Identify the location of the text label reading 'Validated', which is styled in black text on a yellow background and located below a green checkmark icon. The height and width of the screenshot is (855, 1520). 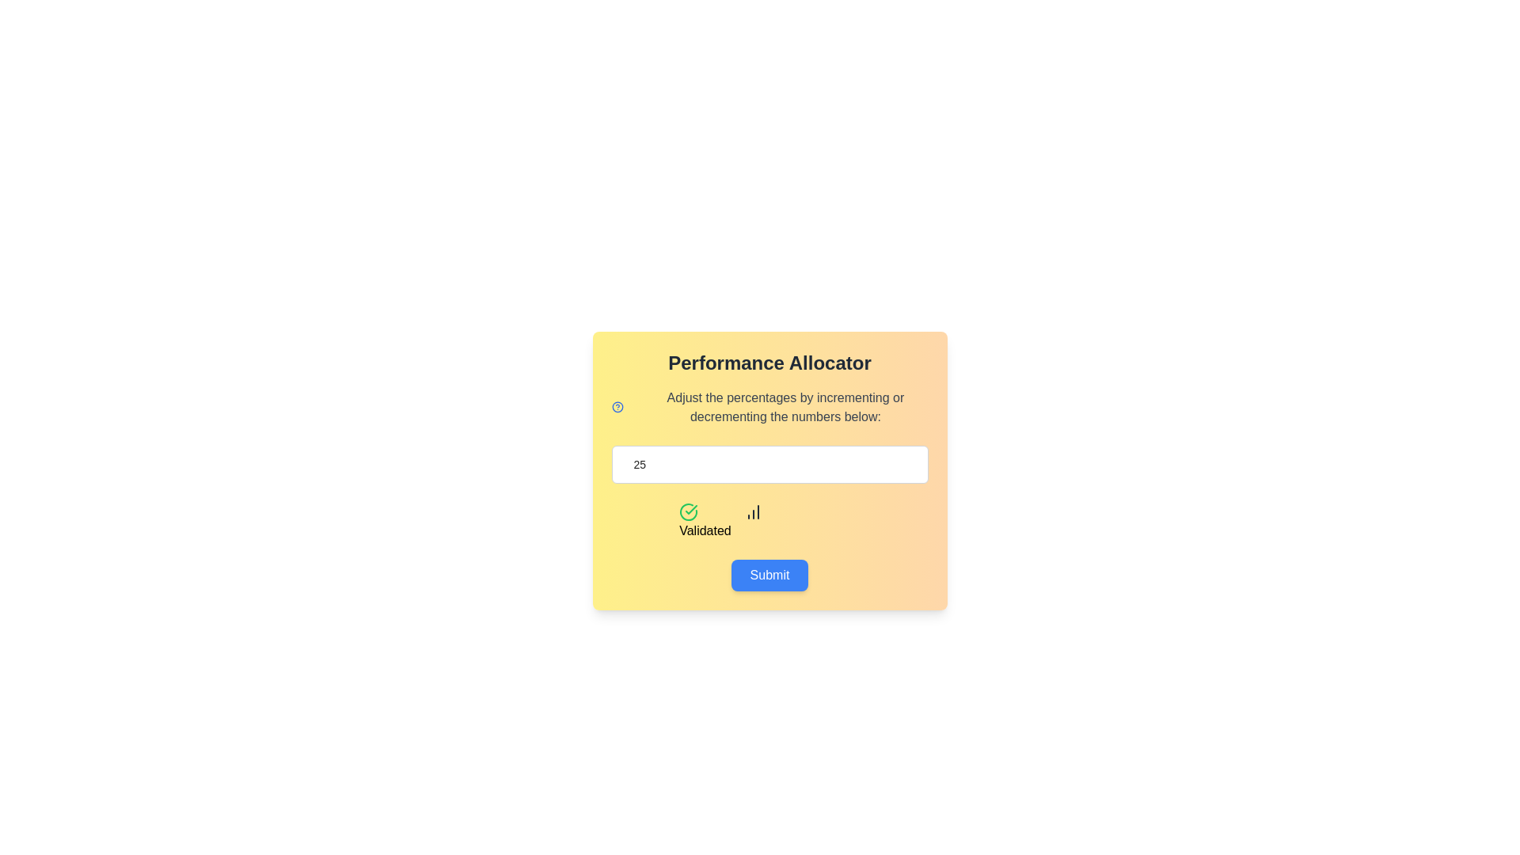
(704, 531).